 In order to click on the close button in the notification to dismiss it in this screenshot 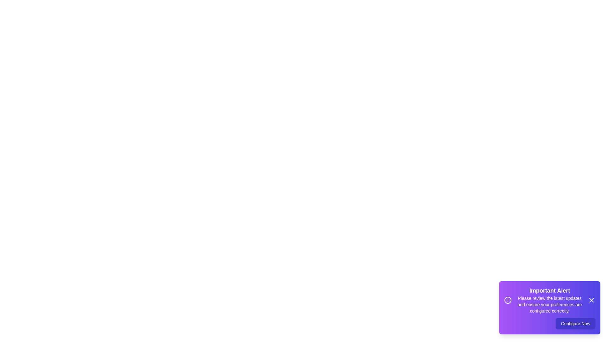, I will do `click(591, 300)`.